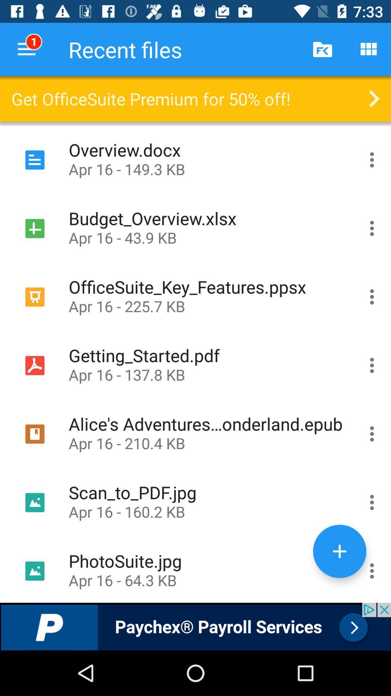 The width and height of the screenshot is (391, 696). I want to click on a item, so click(340, 551).